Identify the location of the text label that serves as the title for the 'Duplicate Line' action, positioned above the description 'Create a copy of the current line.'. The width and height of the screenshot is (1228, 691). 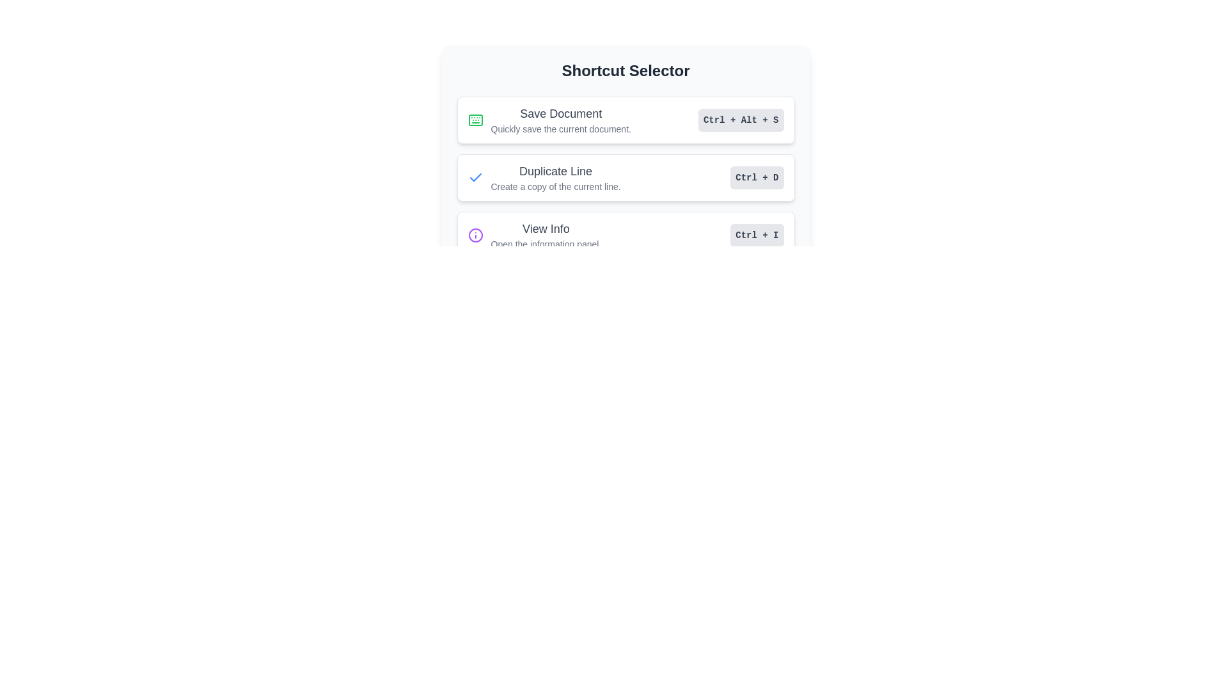
(555, 170).